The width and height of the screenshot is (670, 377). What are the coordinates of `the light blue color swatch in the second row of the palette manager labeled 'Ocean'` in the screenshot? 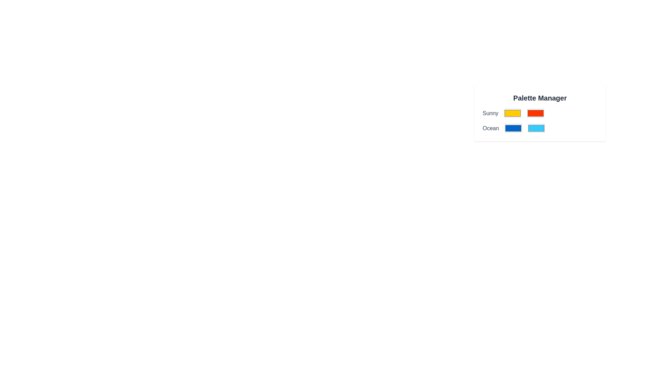 It's located at (539, 125).